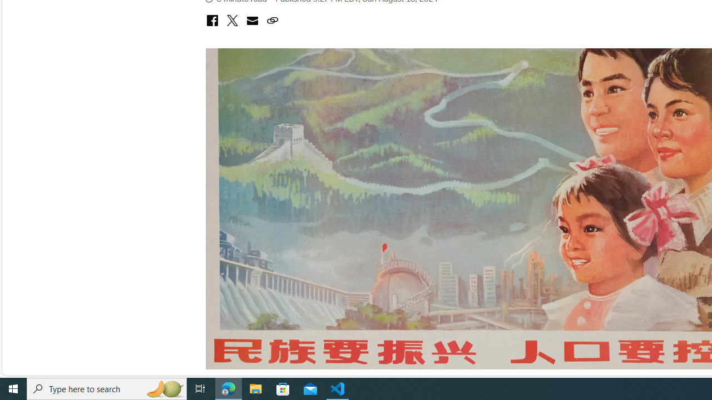  Describe the element at coordinates (212, 21) in the screenshot. I see `'share with facebook'` at that location.